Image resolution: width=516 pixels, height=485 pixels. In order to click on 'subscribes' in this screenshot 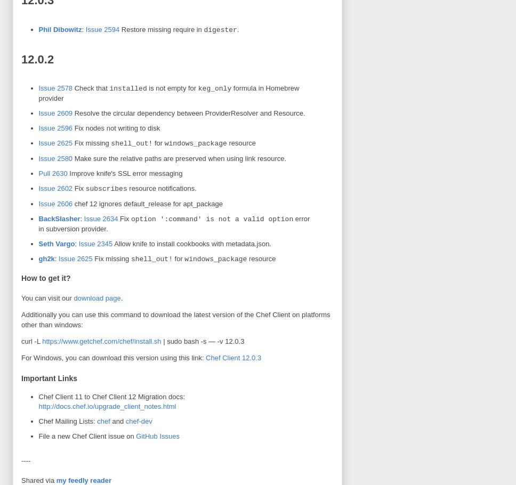, I will do `click(106, 188)`.